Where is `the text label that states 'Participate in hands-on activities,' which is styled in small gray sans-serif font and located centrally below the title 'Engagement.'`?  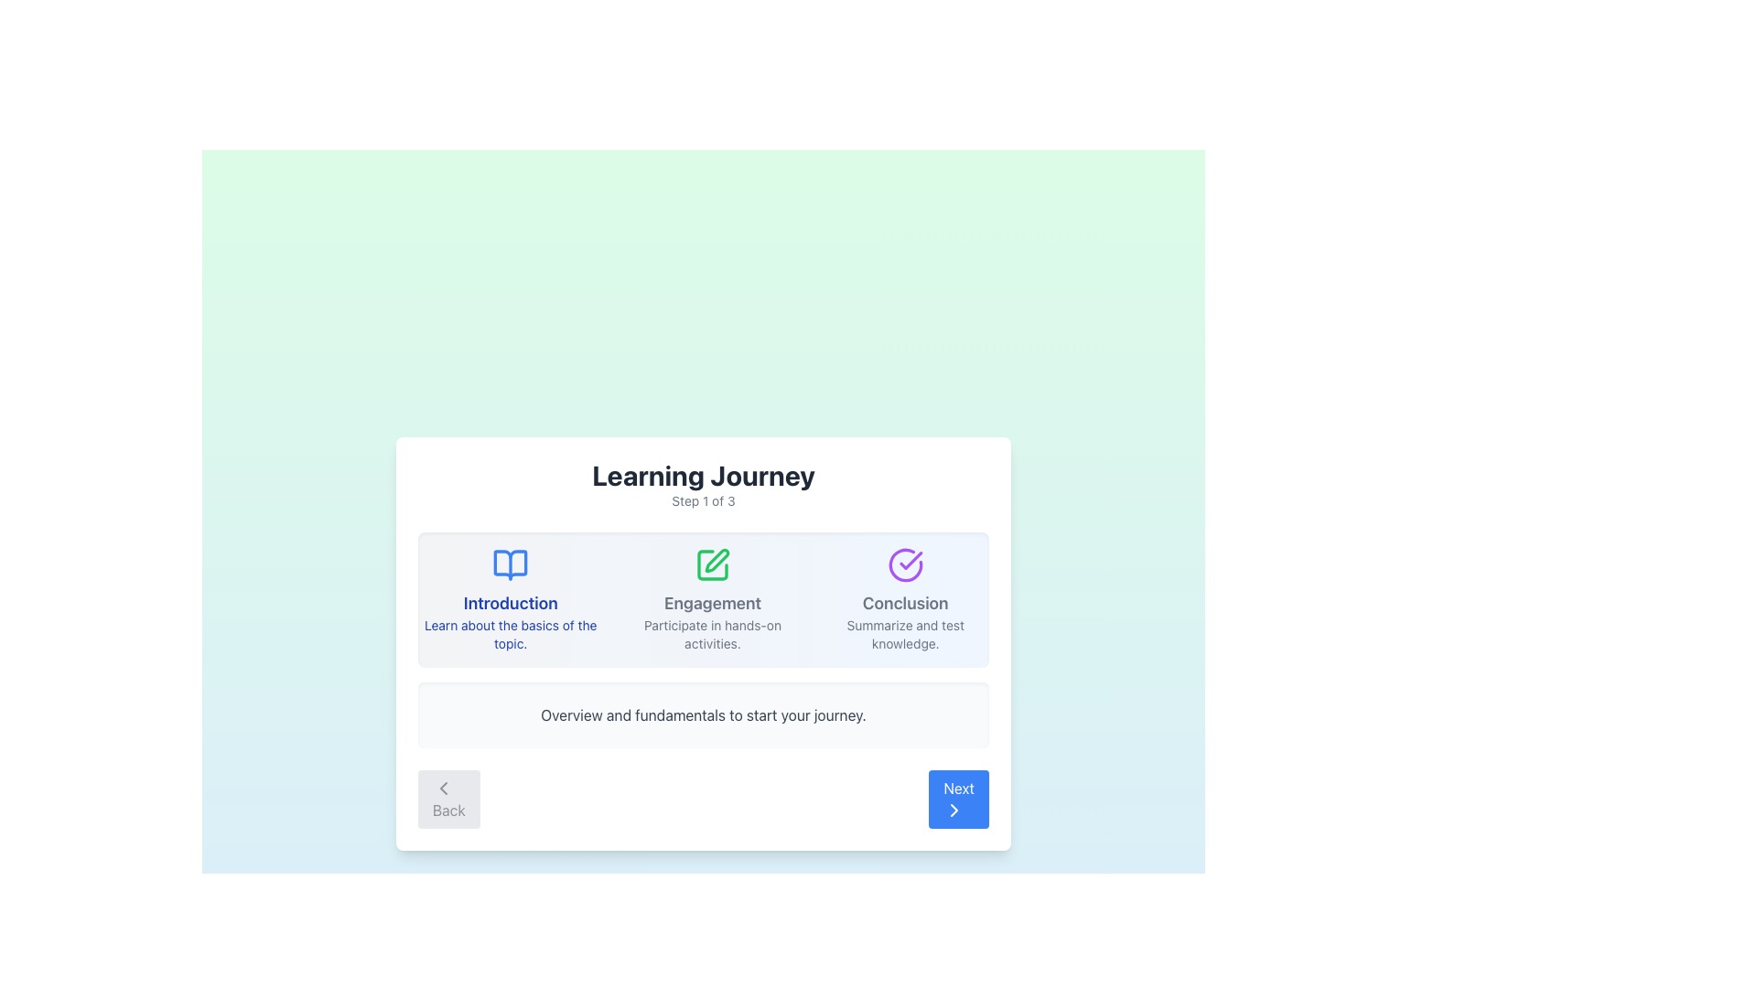 the text label that states 'Participate in hands-on activities,' which is styled in small gray sans-serif font and located centrally below the title 'Engagement.' is located at coordinates (711, 634).